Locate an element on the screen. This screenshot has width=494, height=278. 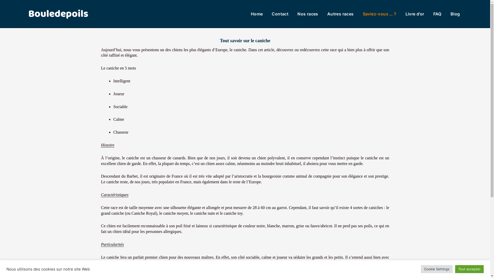
'Cookie Settings' is located at coordinates (436, 269).